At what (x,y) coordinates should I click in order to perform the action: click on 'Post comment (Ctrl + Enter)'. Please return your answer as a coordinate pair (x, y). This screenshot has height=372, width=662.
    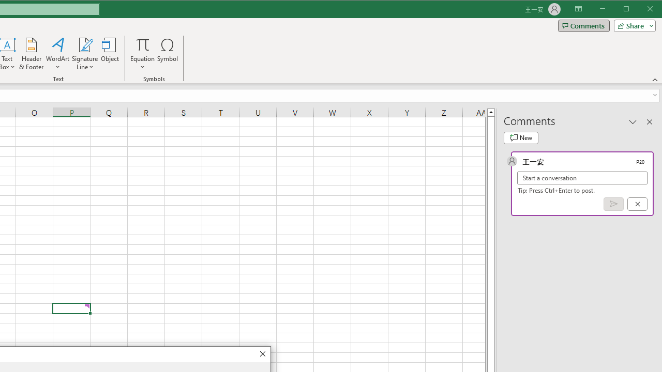
    Looking at the image, I should click on (613, 204).